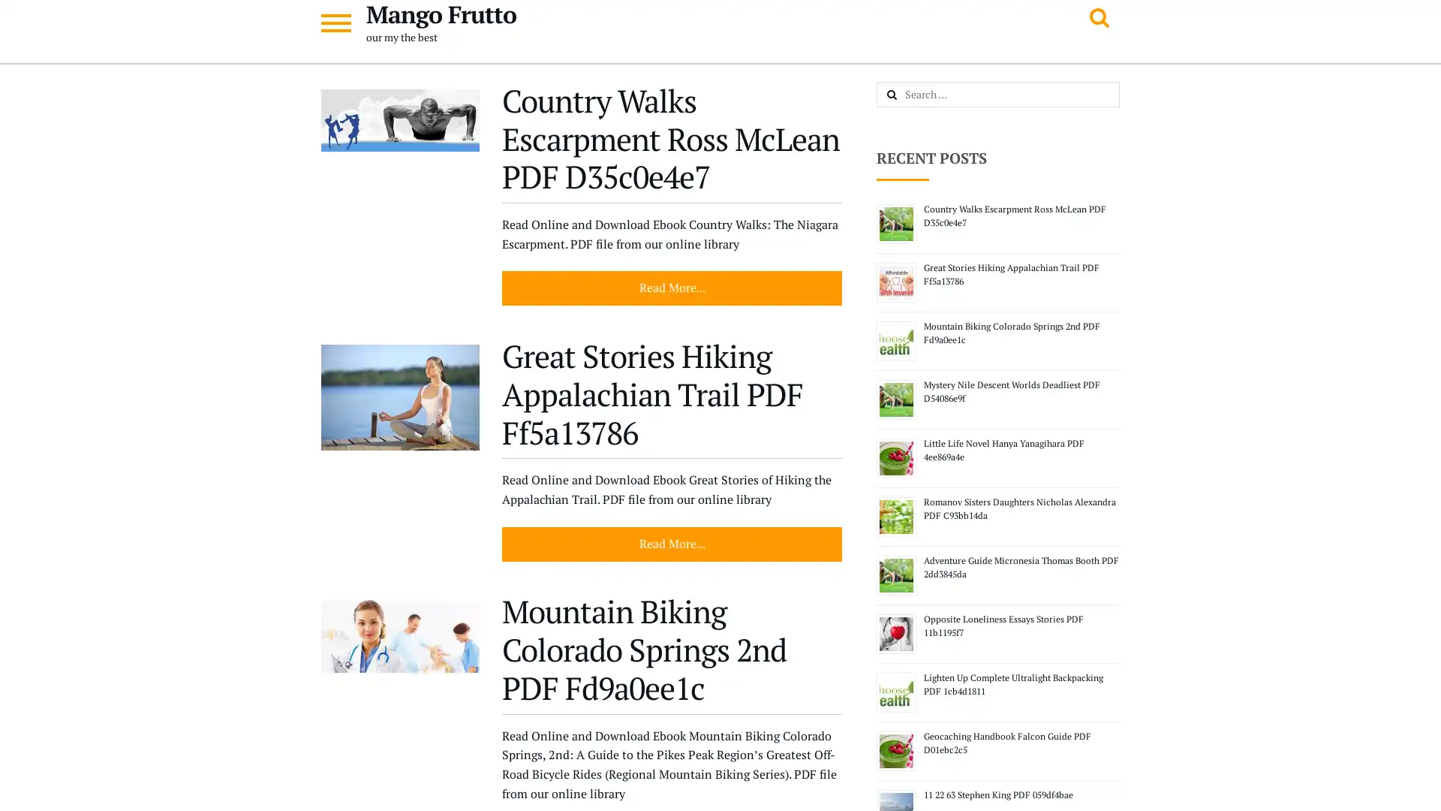 The height and width of the screenshot is (811, 1441). What do you see at coordinates (907, 95) in the screenshot?
I see `Search` at bounding box center [907, 95].